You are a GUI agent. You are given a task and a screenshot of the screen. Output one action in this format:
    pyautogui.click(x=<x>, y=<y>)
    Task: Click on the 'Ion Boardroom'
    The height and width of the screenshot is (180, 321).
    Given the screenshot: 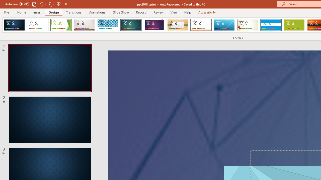 What is the action you would take?
    pyautogui.click(x=154, y=25)
    